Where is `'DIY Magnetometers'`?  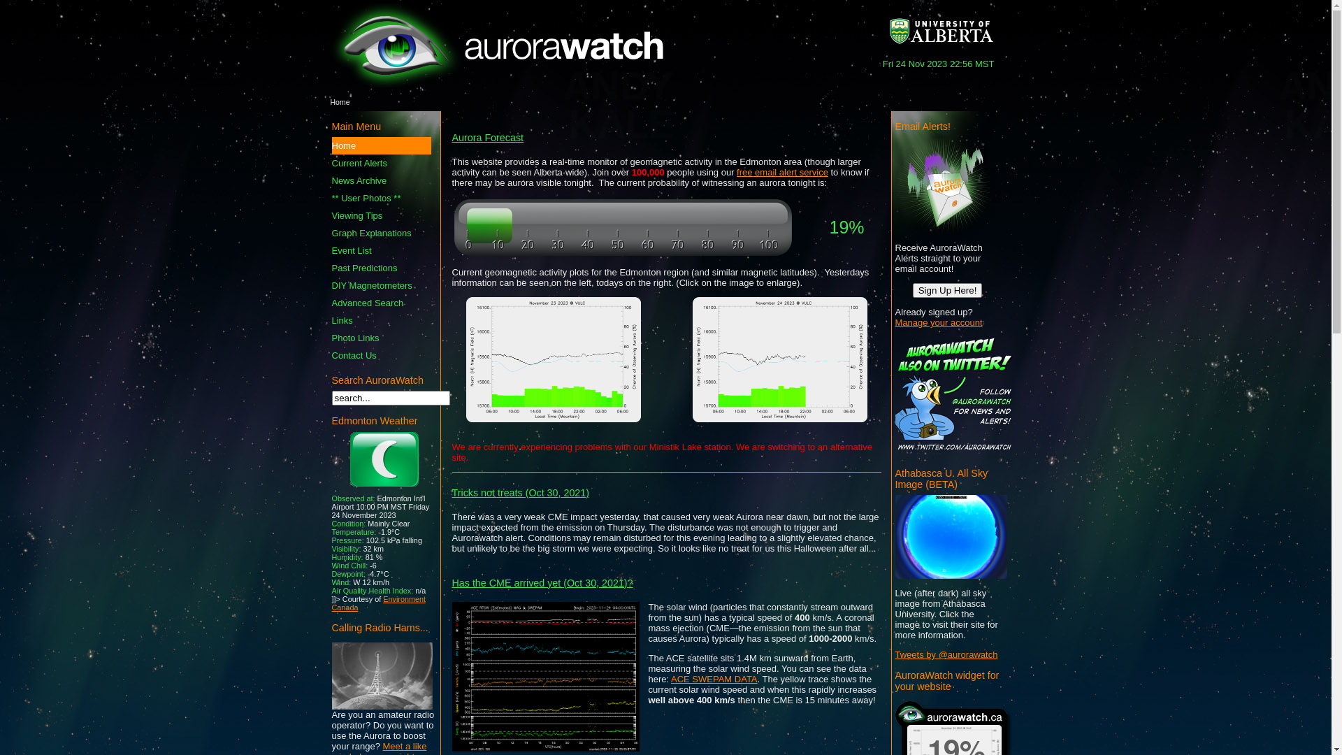
'DIY Magnetometers' is located at coordinates (381, 285).